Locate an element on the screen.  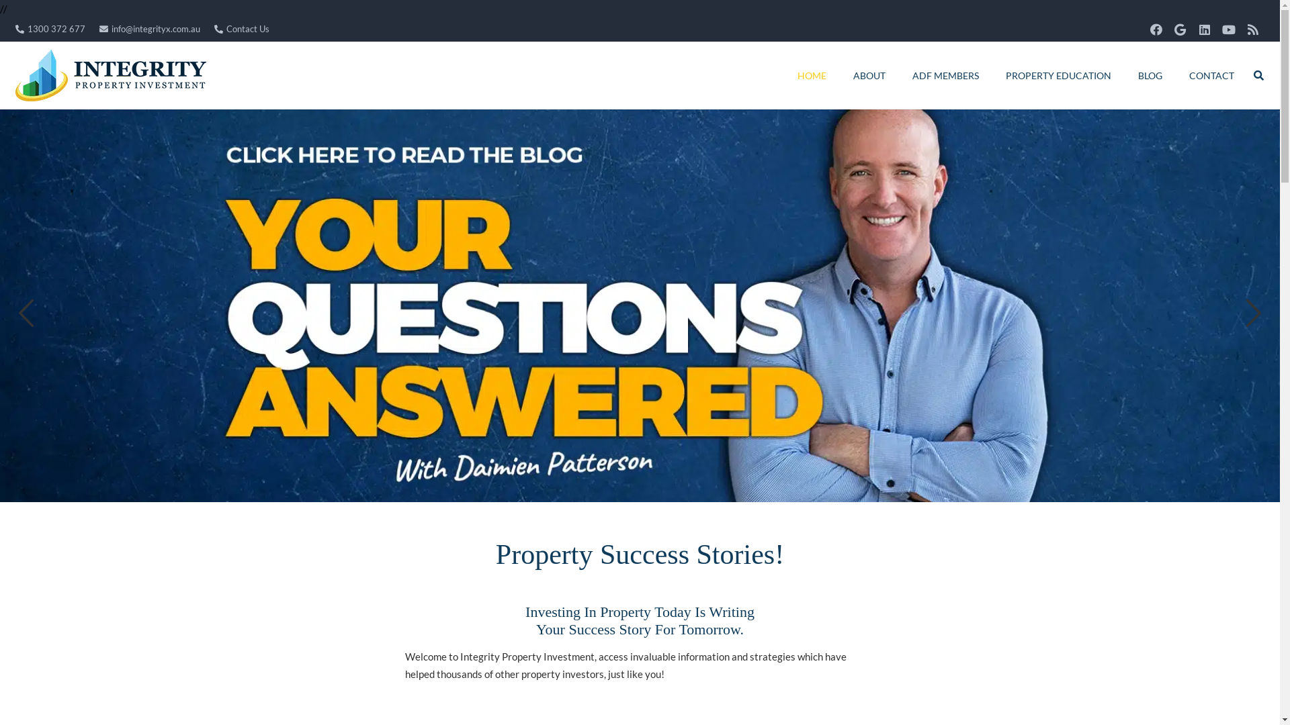
'Google' is located at coordinates (1179, 29).